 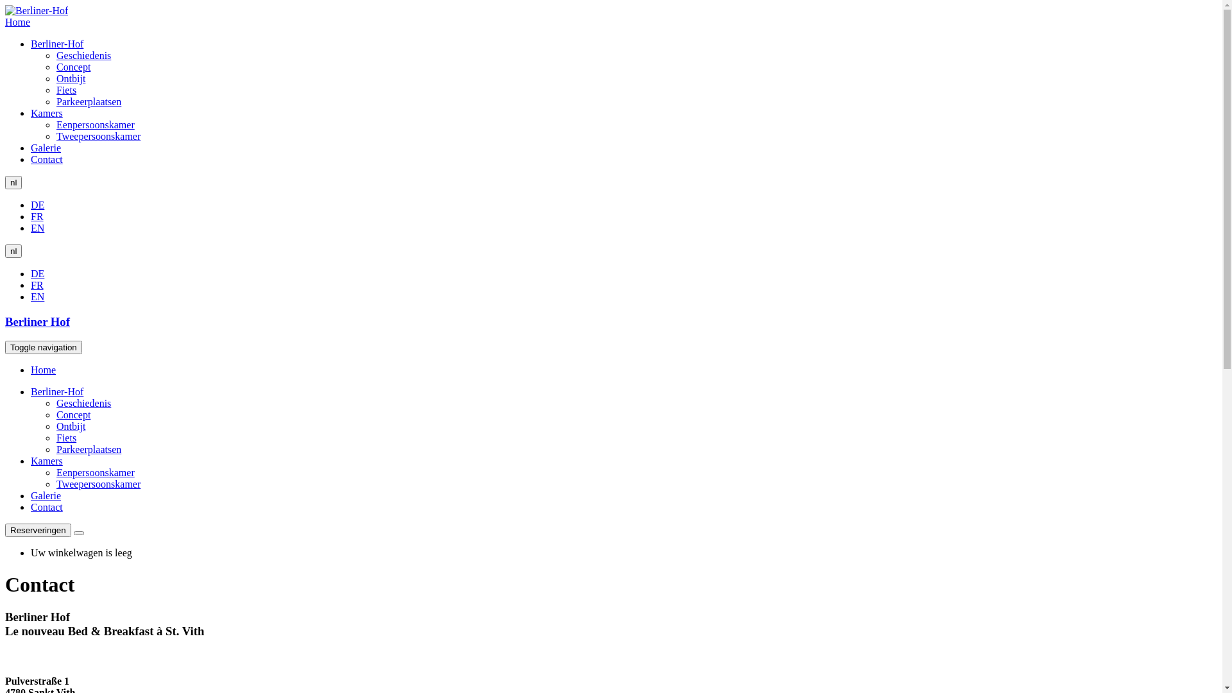 What do you see at coordinates (73, 415) in the screenshot?
I see `'Concept'` at bounding box center [73, 415].